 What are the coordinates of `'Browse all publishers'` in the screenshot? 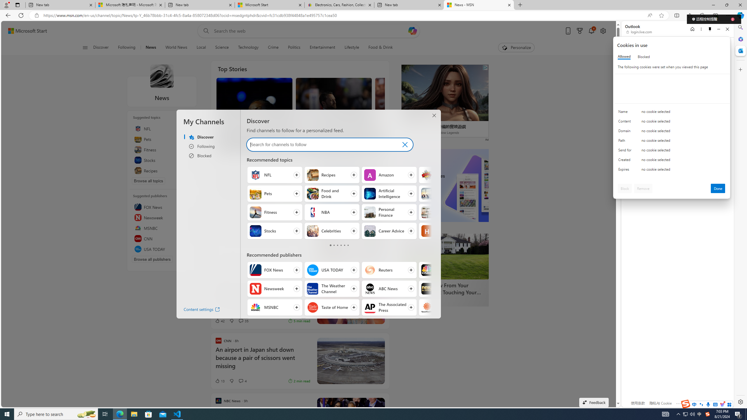 It's located at (152, 259).